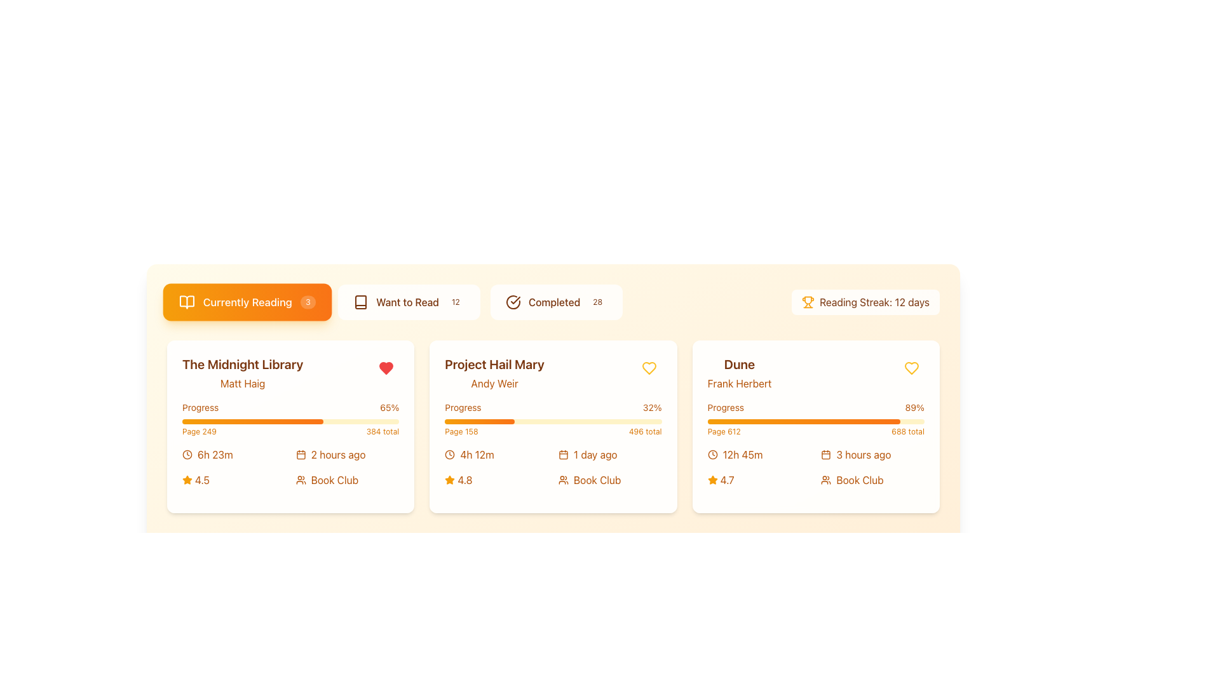  I want to click on the Progress bar representing 32% of the reading progress for the book 'Project Hail Mary', located below the text 'Progress', so click(478, 421).